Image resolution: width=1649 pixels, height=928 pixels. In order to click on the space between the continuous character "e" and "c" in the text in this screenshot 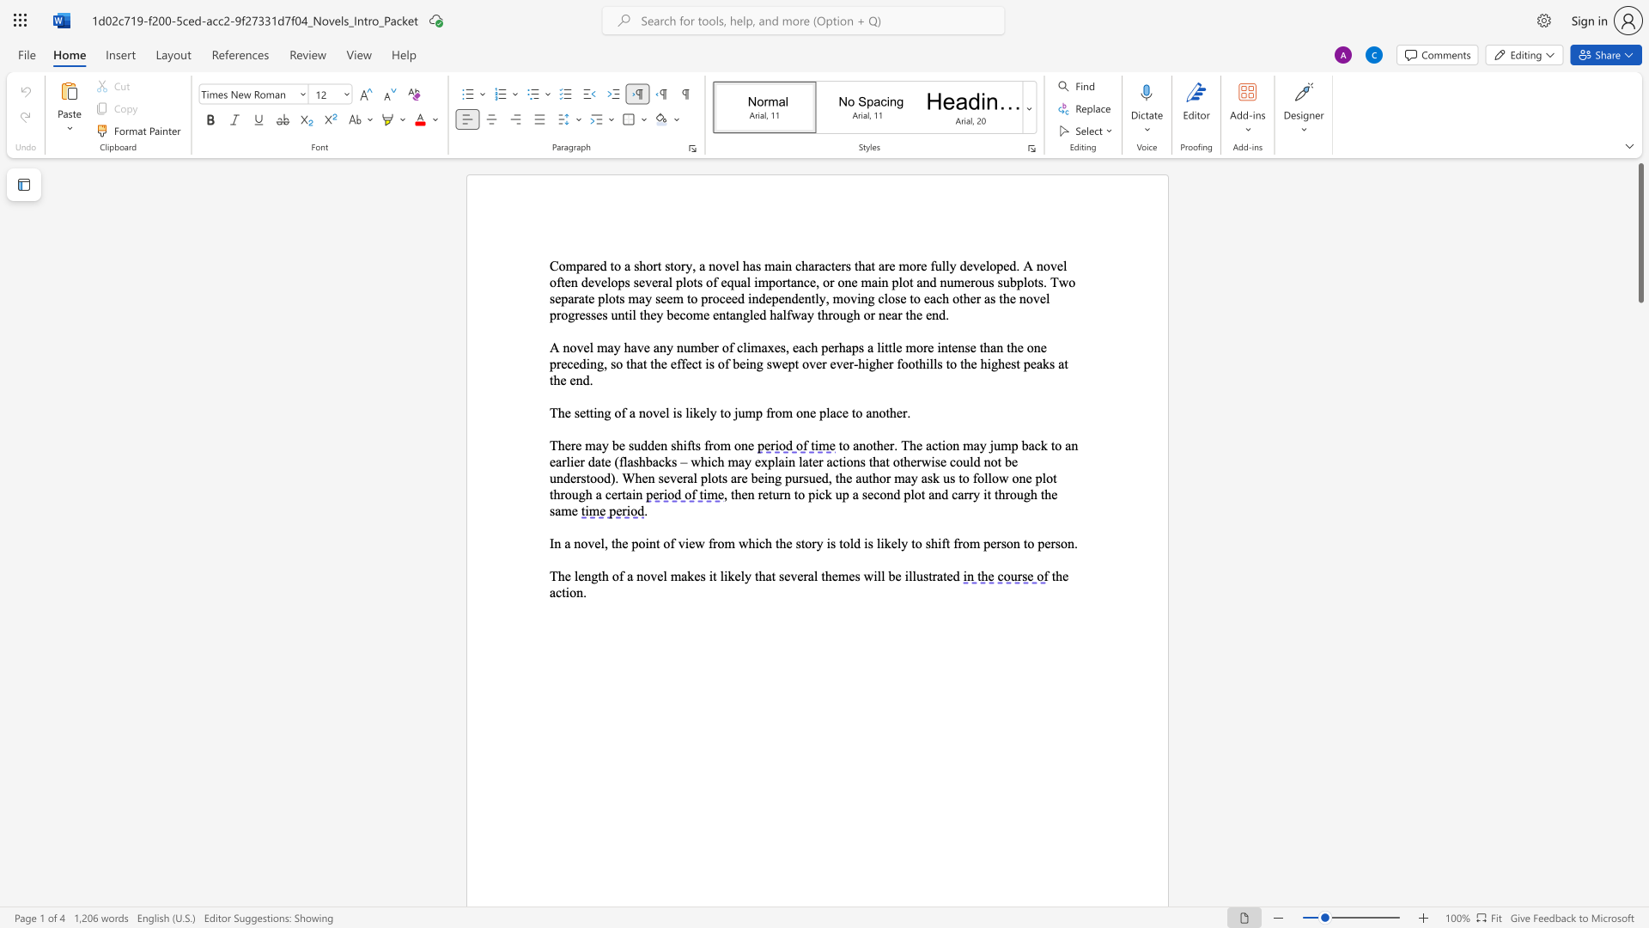, I will do `click(873, 494)`.